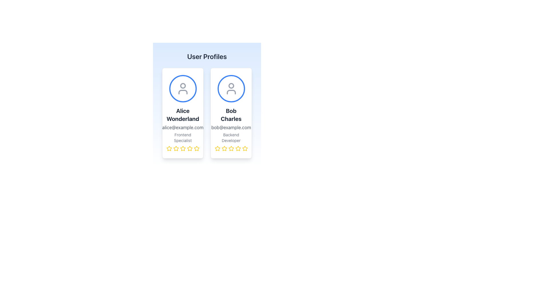  I want to click on the circular user avatar of 'Alice Wonderland', which is positioned at the top center of her card, so click(182, 89).